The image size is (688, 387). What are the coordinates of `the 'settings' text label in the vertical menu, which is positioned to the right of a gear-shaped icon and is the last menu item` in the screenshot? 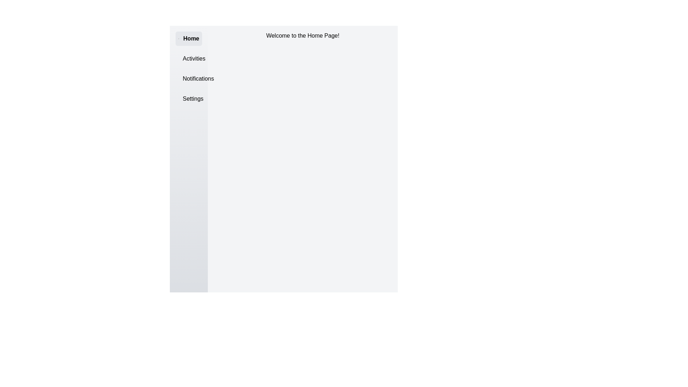 It's located at (193, 99).